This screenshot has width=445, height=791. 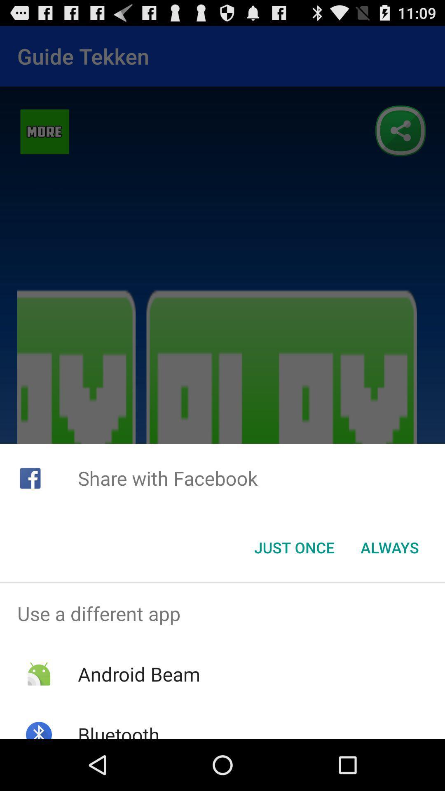 What do you see at coordinates (294, 548) in the screenshot?
I see `item next to always` at bounding box center [294, 548].